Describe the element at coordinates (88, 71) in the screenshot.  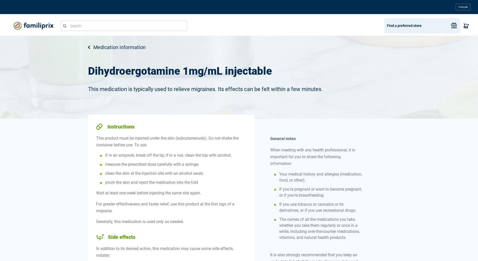
I see `'Dihydroergotamine 1mg/mL injectable'` at that location.